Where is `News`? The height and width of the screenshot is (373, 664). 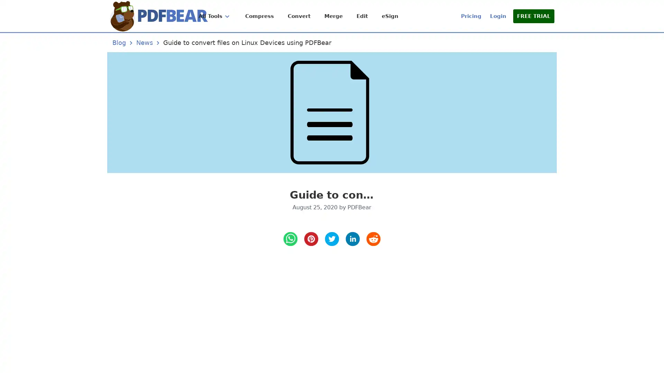 News is located at coordinates (144, 42).